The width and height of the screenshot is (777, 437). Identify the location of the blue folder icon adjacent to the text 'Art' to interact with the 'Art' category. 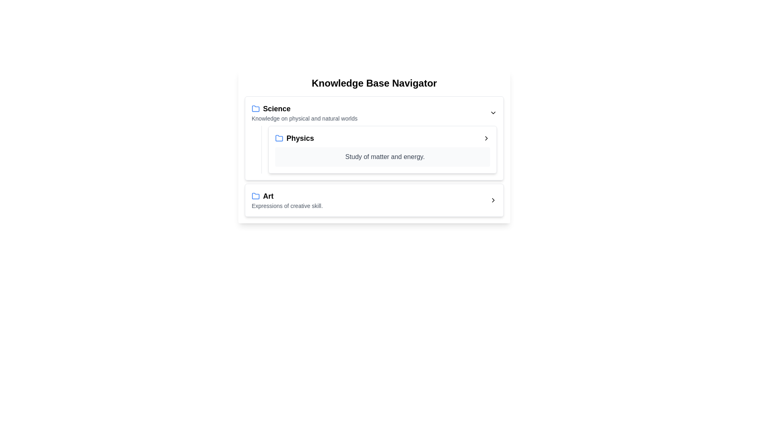
(255, 196).